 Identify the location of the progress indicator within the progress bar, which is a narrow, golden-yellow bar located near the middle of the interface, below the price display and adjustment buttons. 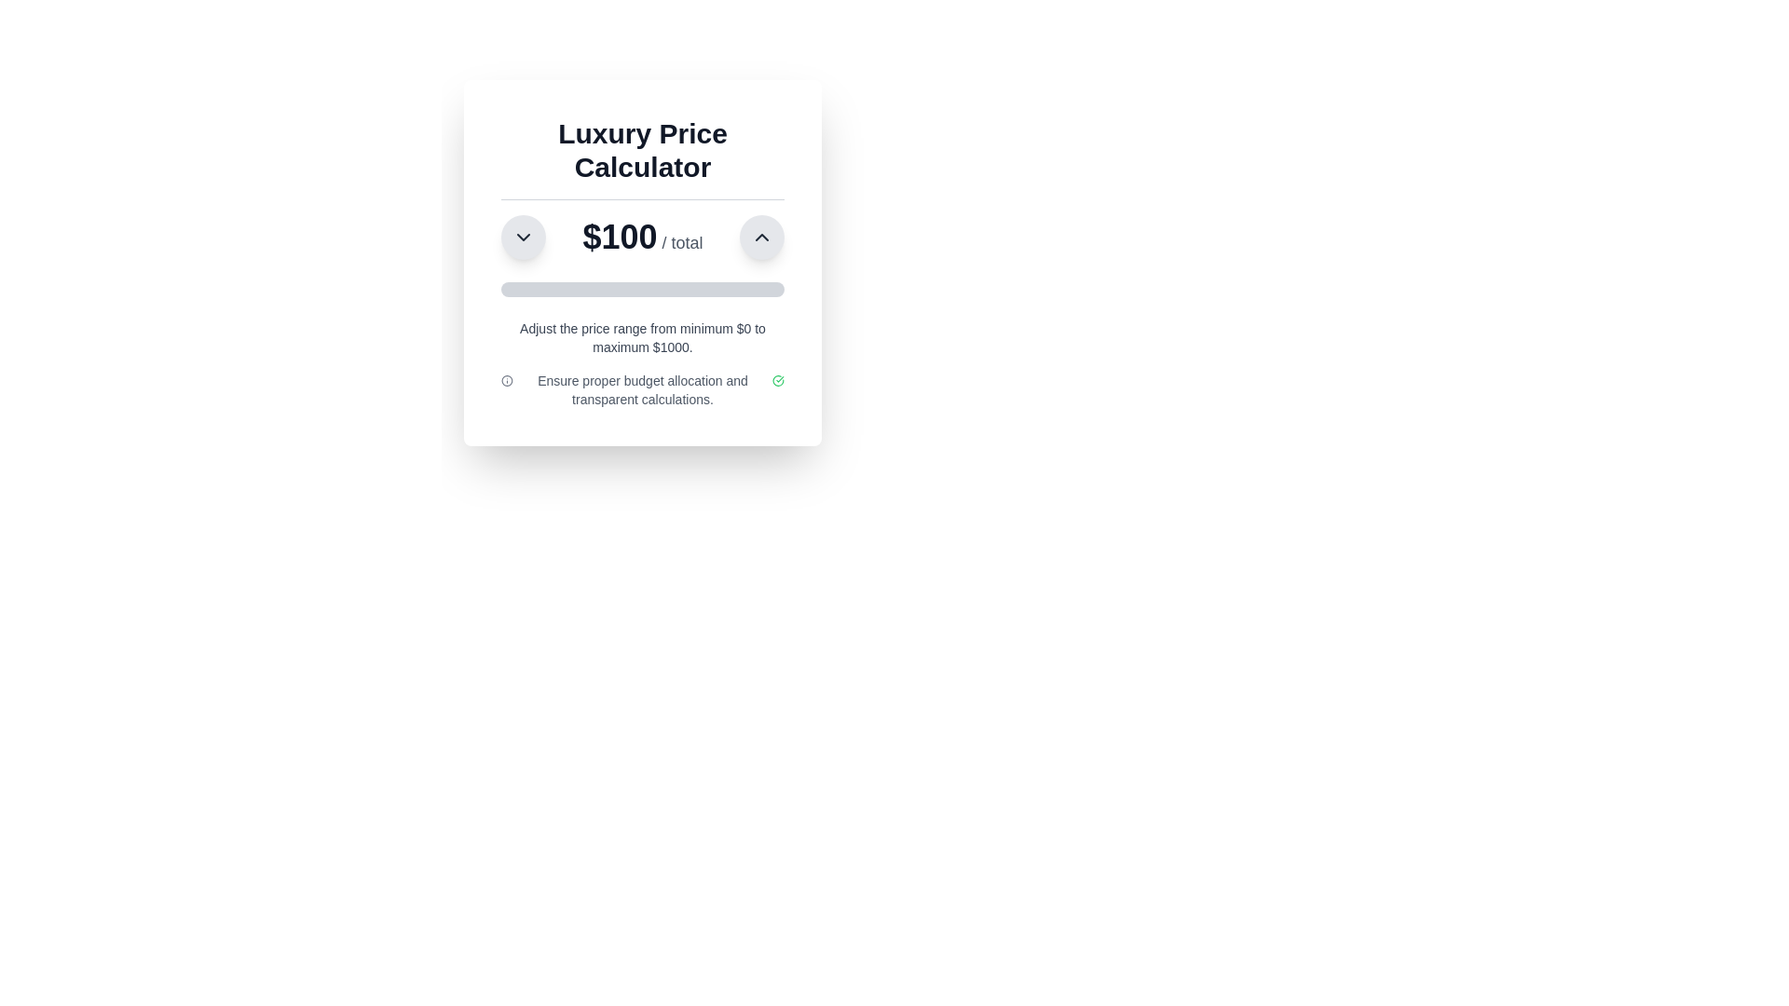
(515, 290).